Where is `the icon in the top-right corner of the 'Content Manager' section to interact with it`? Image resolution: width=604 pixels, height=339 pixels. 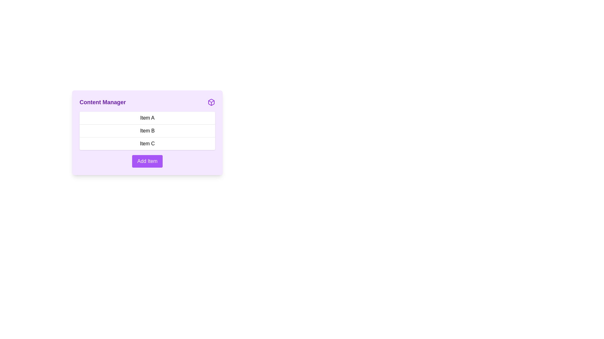
the icon in the top-right corner of the 'Content Manager' section to interact with it is located at coordinates (211, 102).